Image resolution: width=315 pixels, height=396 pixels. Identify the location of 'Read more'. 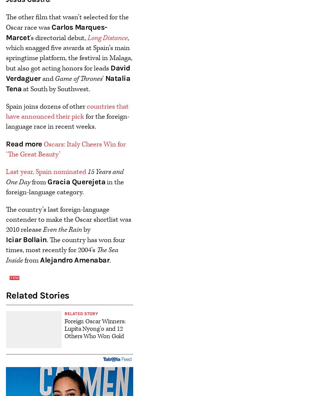
(5, 143).